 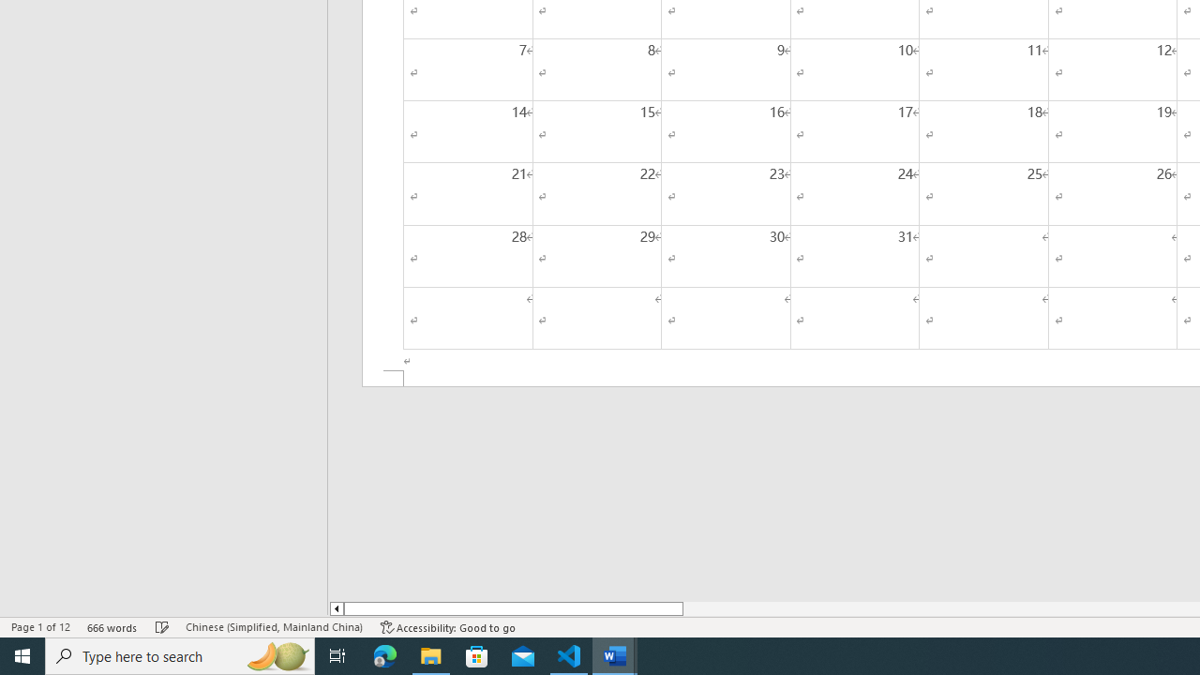 What do you see at coordinates (447, 627) in the screenshot?
I see `'Accessibility Checker Accessibility: Good to go'` at bounding box center [447, 627].